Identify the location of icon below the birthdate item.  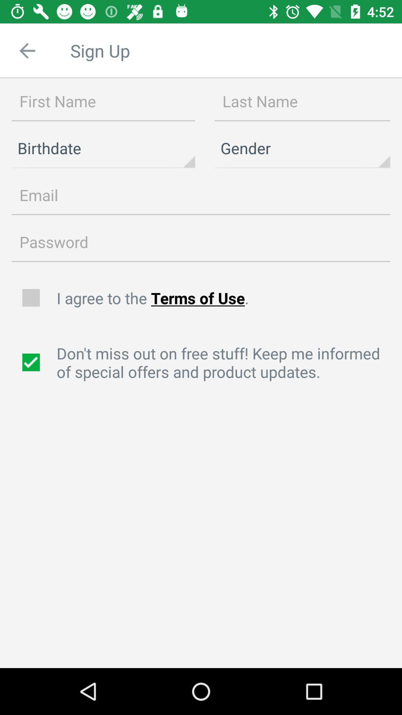
(201, 195).